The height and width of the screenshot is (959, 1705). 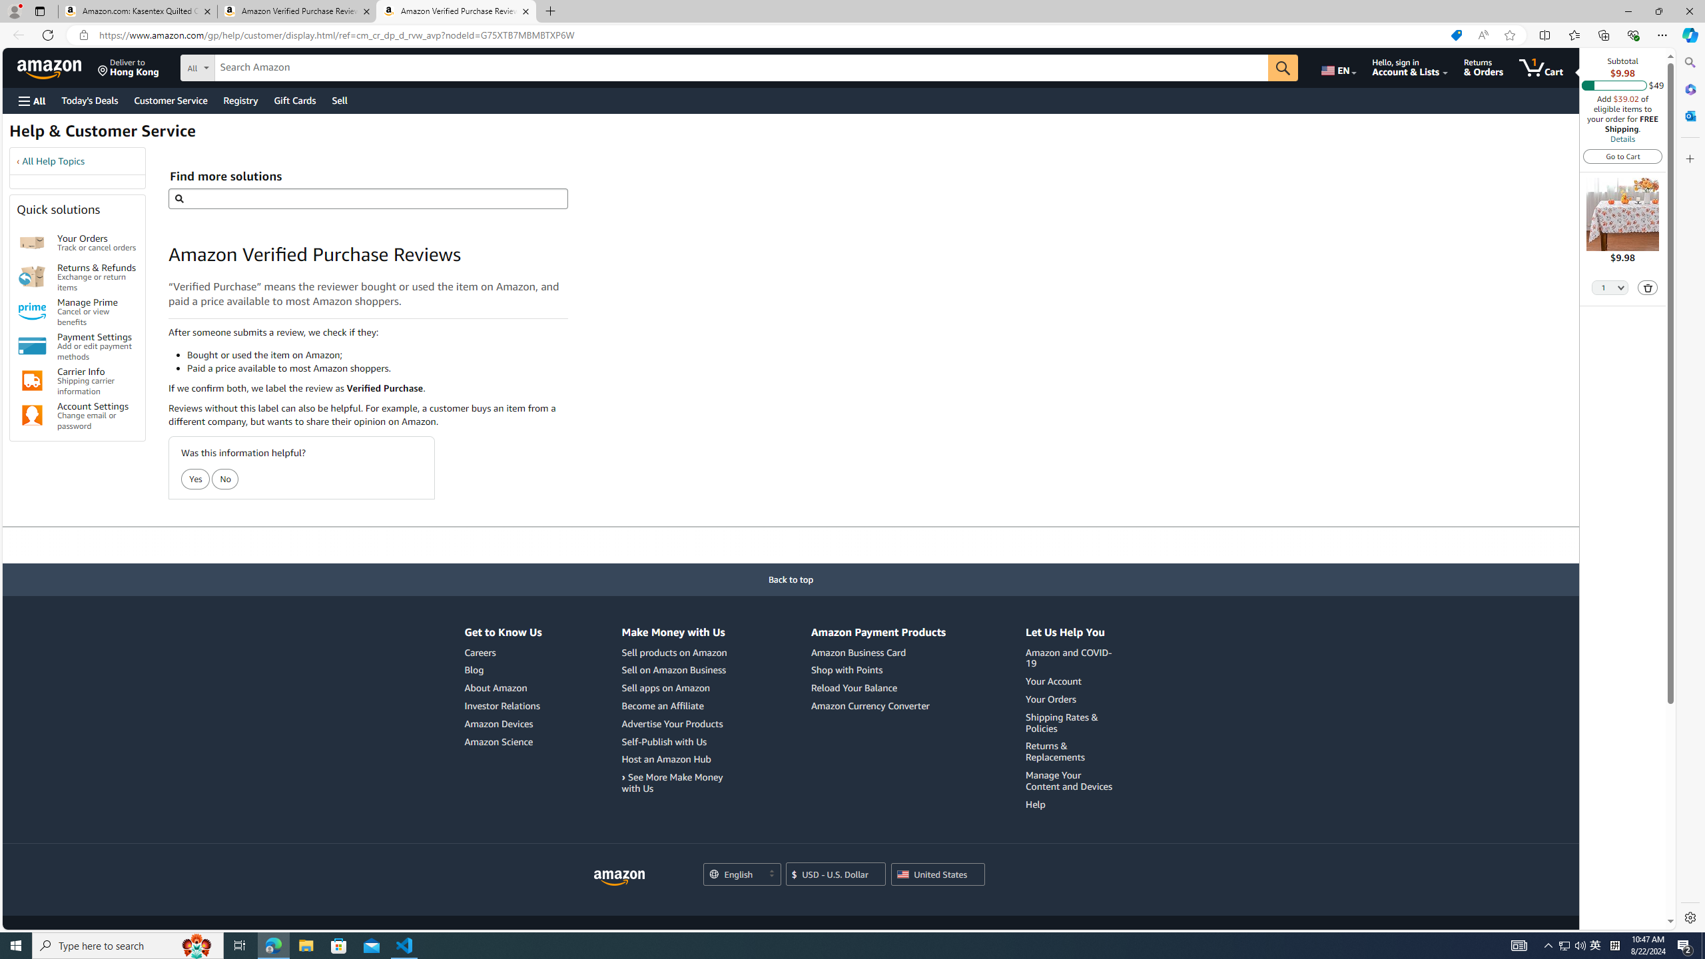 What do you see at coordinates (1409, 67) in the screenshot?
I see `'Hello, sign in Account & Lists'` at bounding box center [1409, 67].